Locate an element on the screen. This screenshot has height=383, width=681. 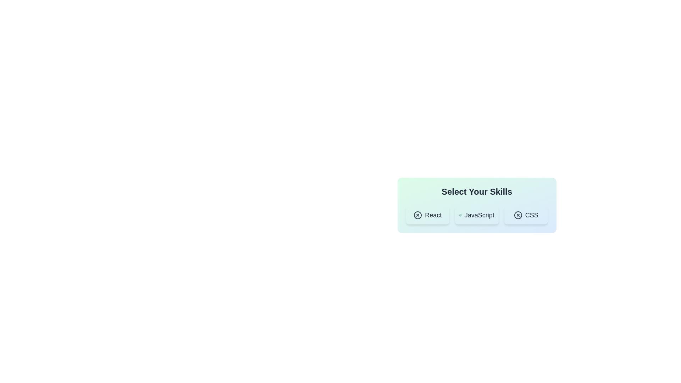
the chip labeled CSS to view its hover effect is located at coordinates (526, 215).